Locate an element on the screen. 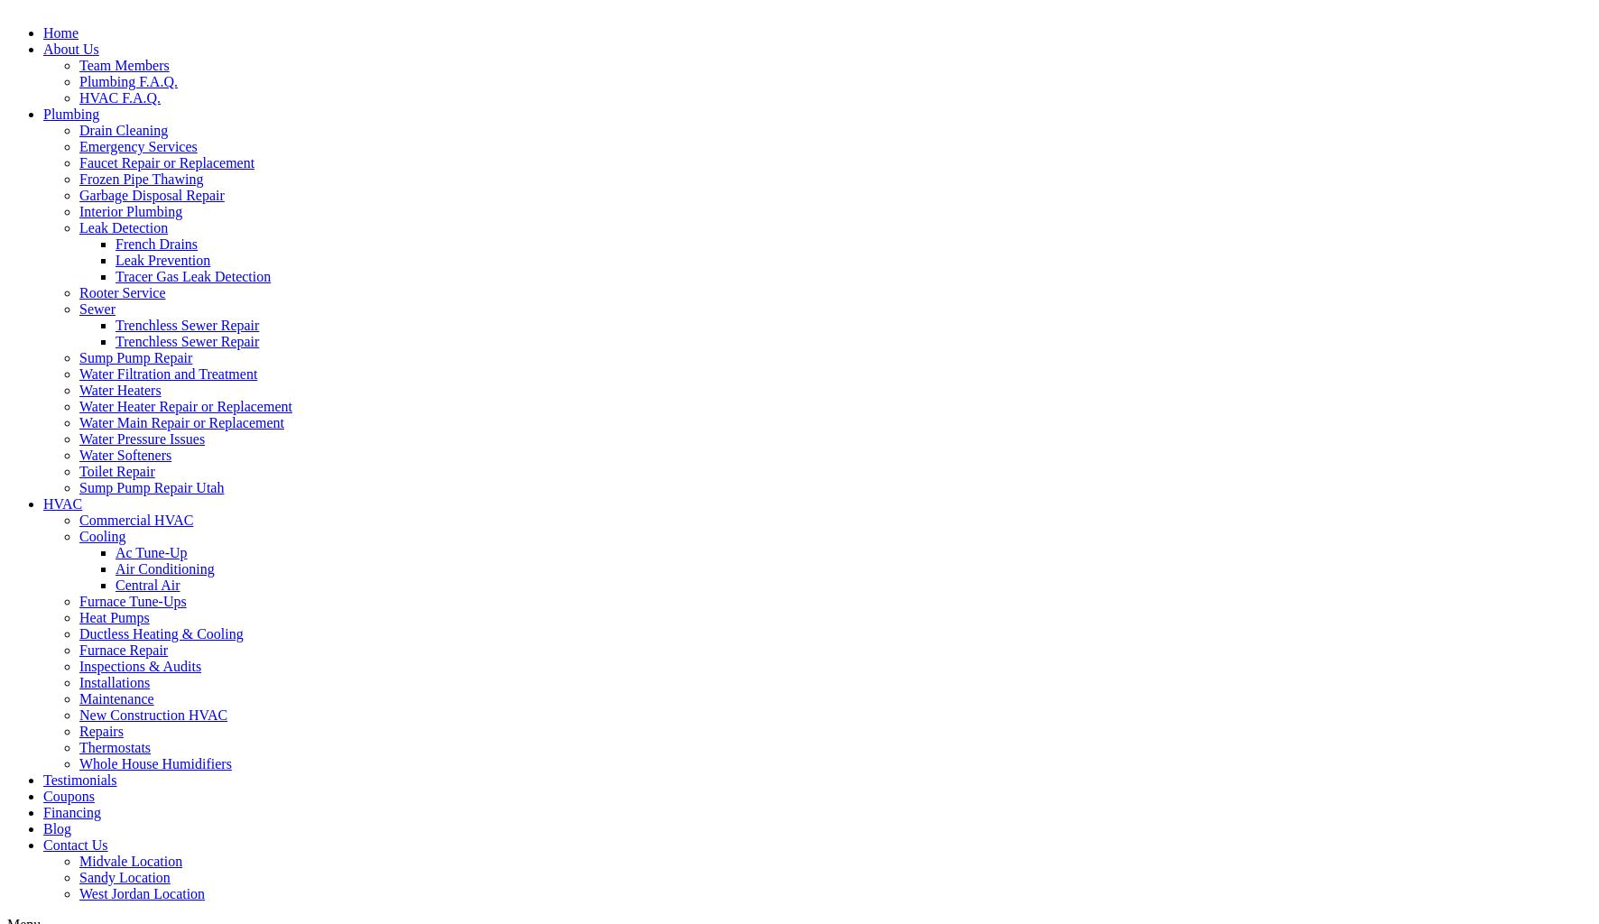  'Tracer Gas Leak Detection' is located at coordinates (115, 274).